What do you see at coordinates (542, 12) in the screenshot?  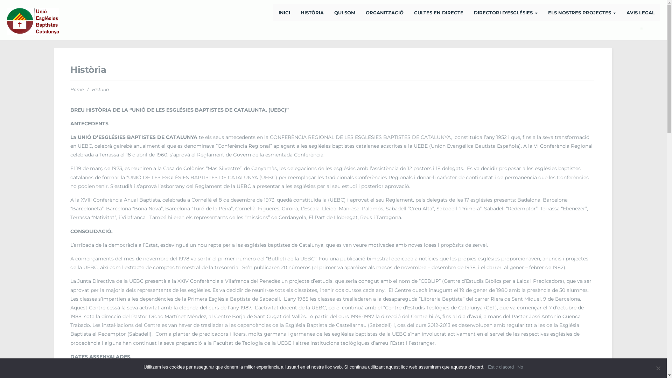 I see `'ELS NOSTRES PROJECTES'` at bounding box center [542, 12].